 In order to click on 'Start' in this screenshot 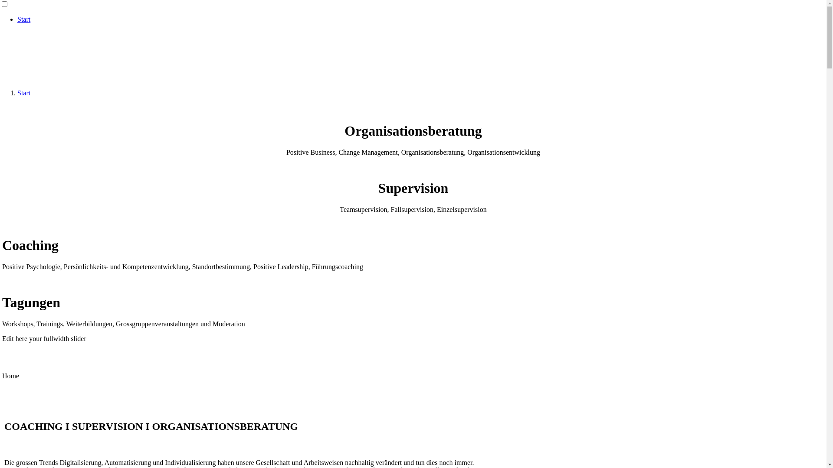, I will do `click(23, 19)`.